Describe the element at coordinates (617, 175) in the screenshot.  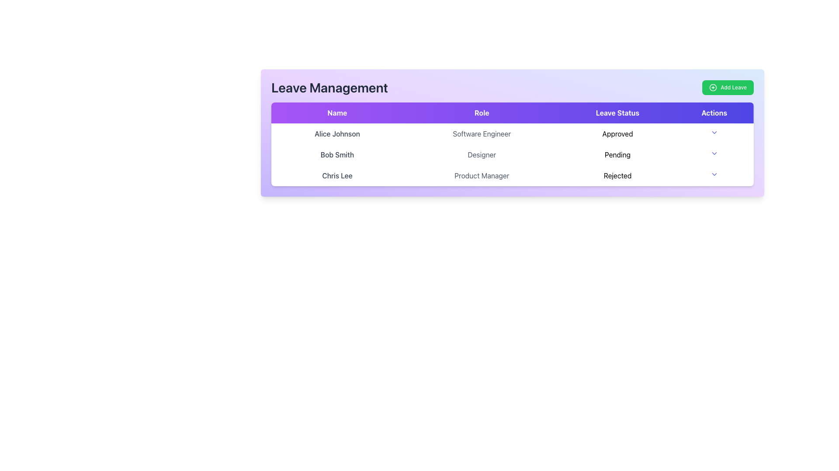
I see `the text 'Rejected' displayed in black font under the 'Leave Status' column for 'Chris Lee', the Product Manager` at that location.